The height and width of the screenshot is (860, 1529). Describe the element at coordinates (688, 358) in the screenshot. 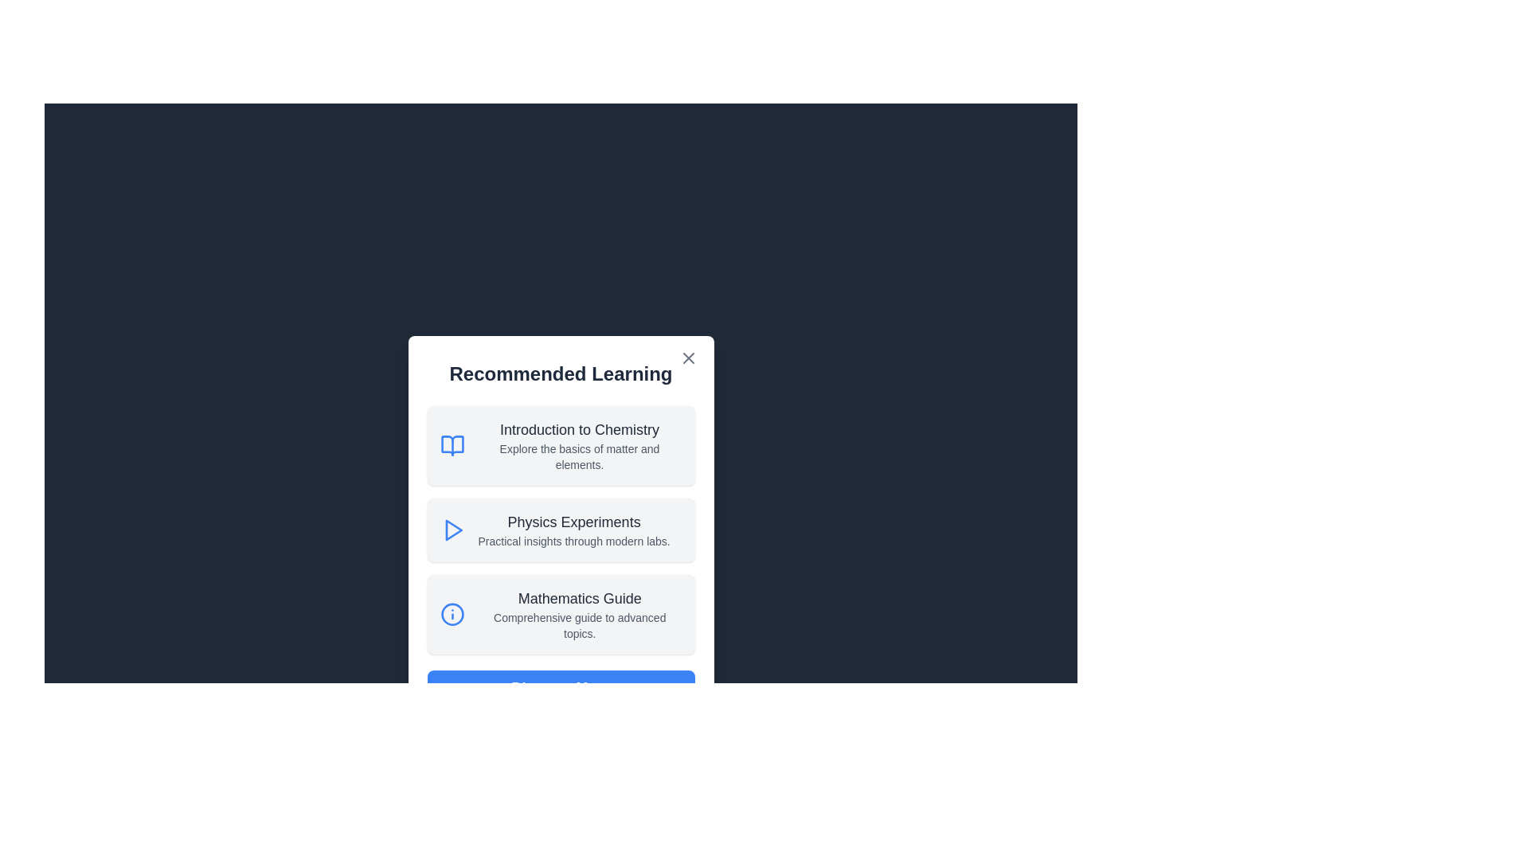

I see `the close button icon represented by a gray 'X' located at the top-right corner of the modal box titled 'Recommended Learning' to observe its styling changes` at that location.